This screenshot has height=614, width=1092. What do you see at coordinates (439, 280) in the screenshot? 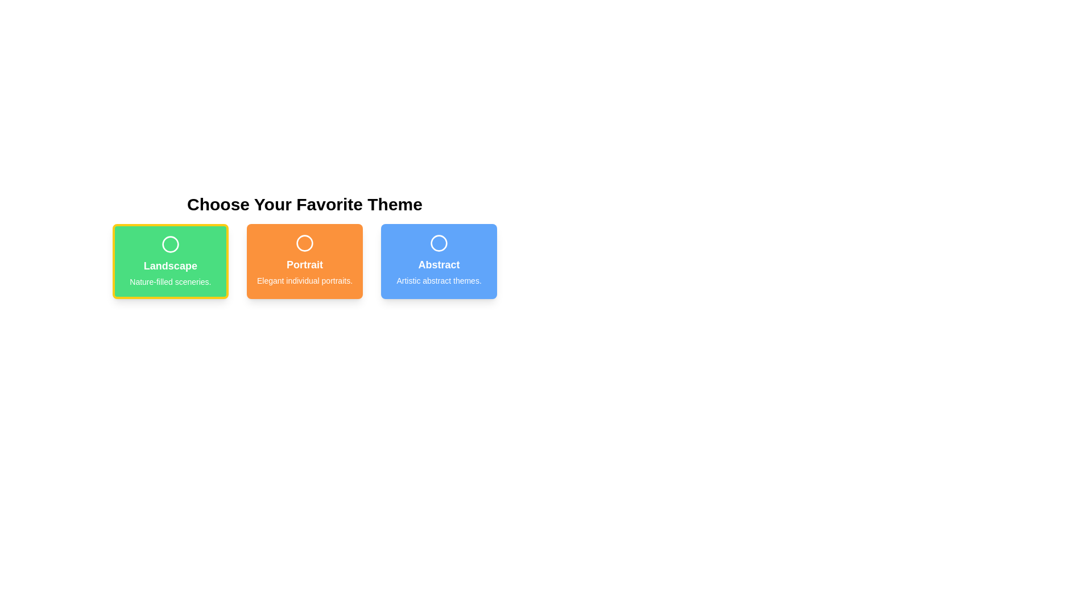
I see `the text element that reads 'Artistic abstract themes.' located at the bottom section of the third card labeled 'Abstract' in a horizontal list` at bounding box center [439, 280].